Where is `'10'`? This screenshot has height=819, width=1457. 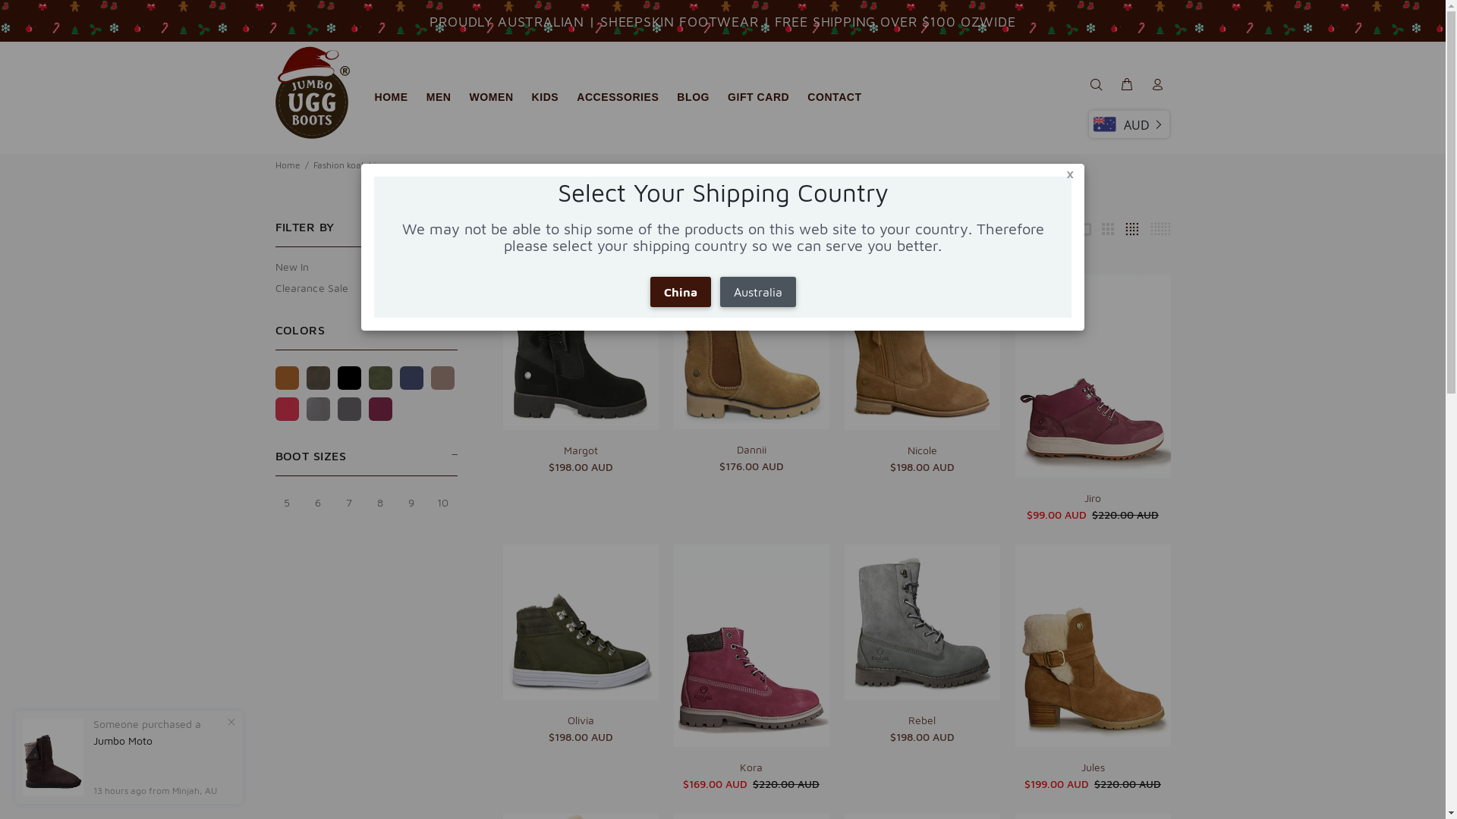 '10' is located at coordinates (442, 503).